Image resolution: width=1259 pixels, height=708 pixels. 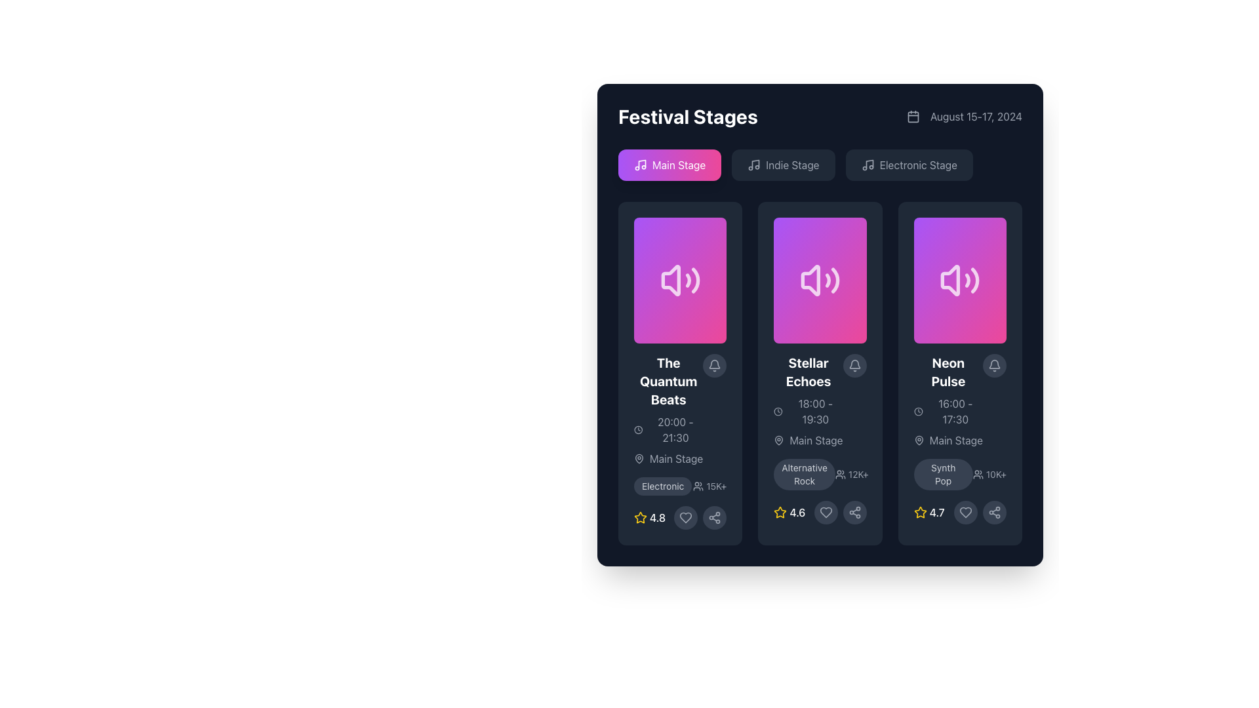 What do you see at coordinates (854, 366) in the screenshot?
I see `the bell icon located in the upper right corner of the 'Stellar Echoes' event card` at bounding box center [854, 366].